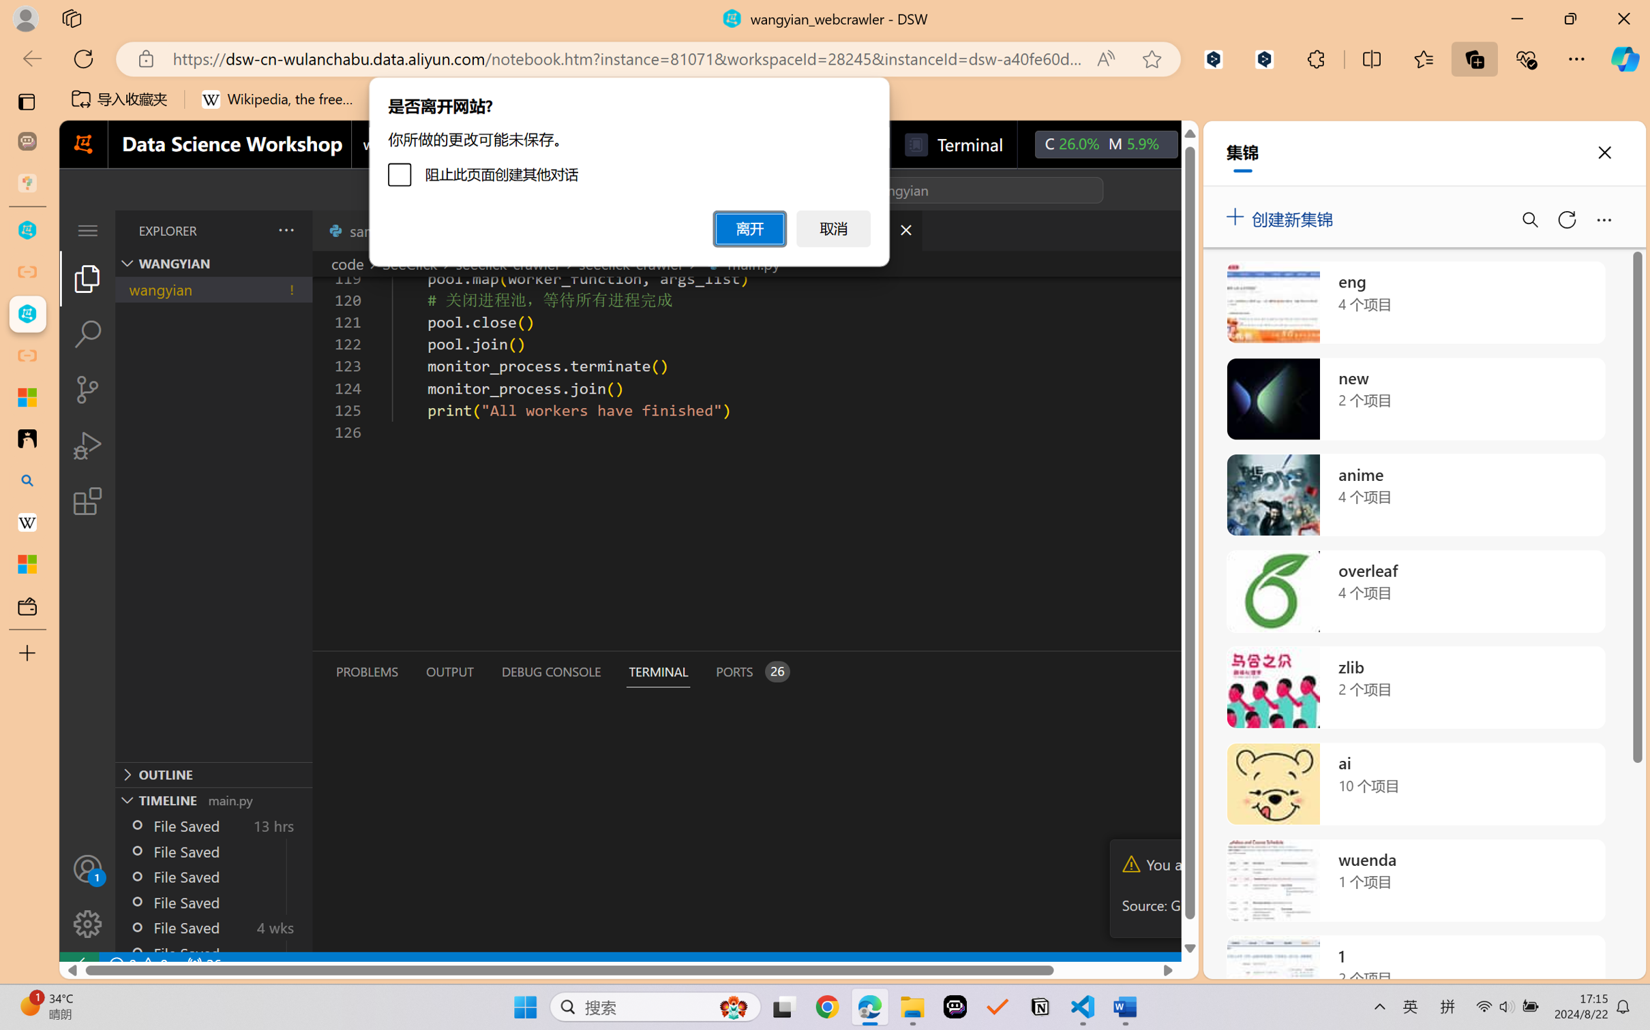 The image size is (1650, 1030). What do you see at coordinates (87, 868) in the screenshot?
I see `'Accounts - Sign in requested'` at bounding box center [87, 868].